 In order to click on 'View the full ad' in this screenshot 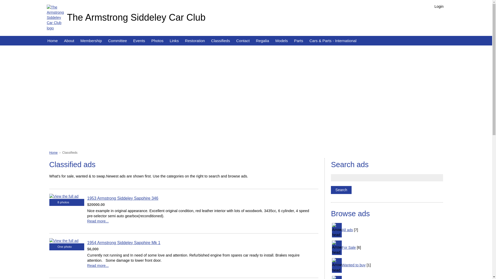, I will do `click(63, 196)`.